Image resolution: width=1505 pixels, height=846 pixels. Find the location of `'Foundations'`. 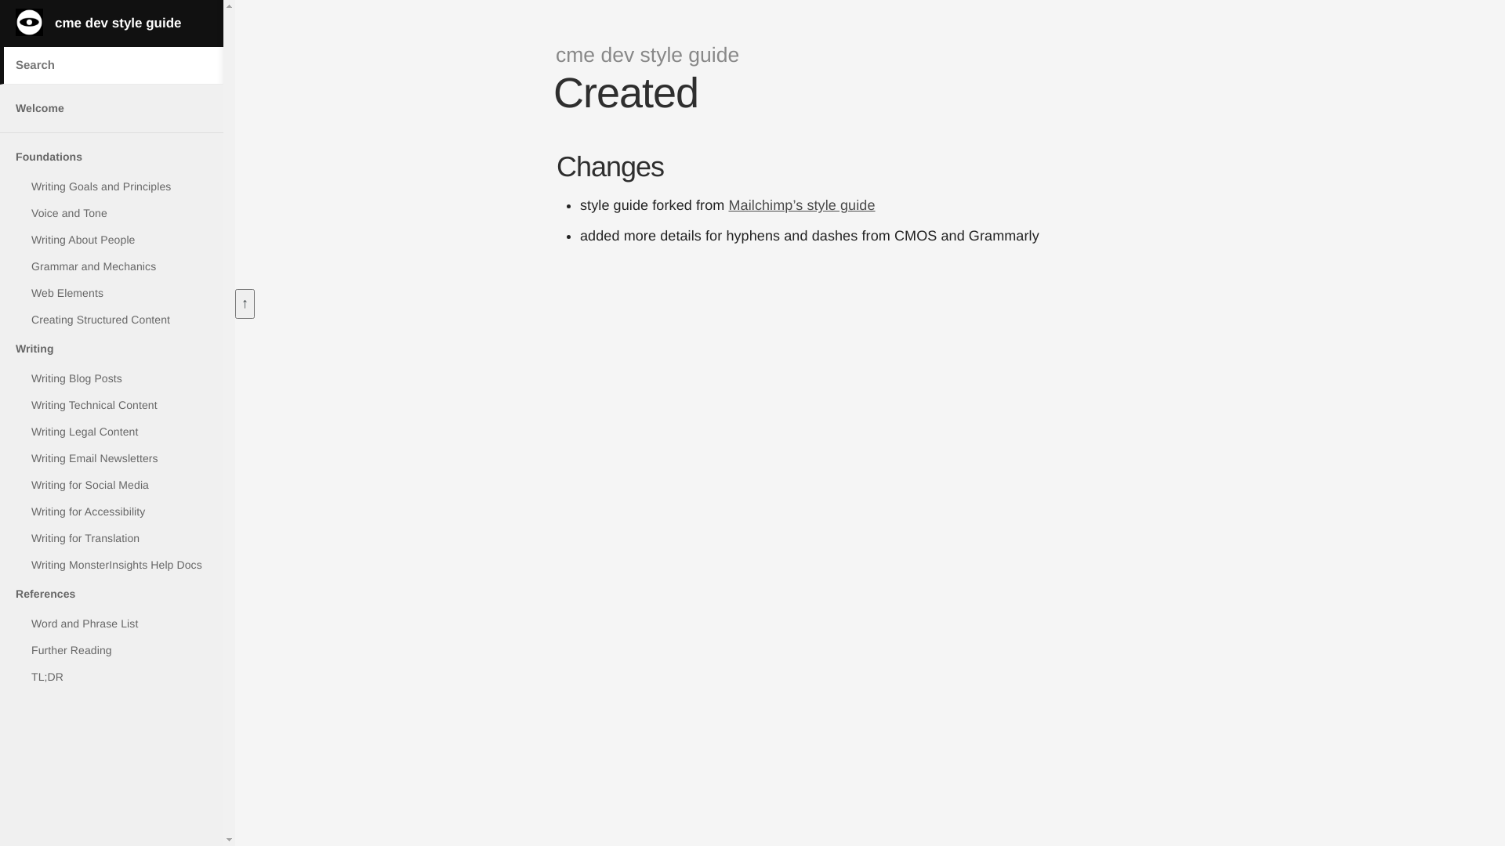

'Foundations' is located at coordinates (111, 157).